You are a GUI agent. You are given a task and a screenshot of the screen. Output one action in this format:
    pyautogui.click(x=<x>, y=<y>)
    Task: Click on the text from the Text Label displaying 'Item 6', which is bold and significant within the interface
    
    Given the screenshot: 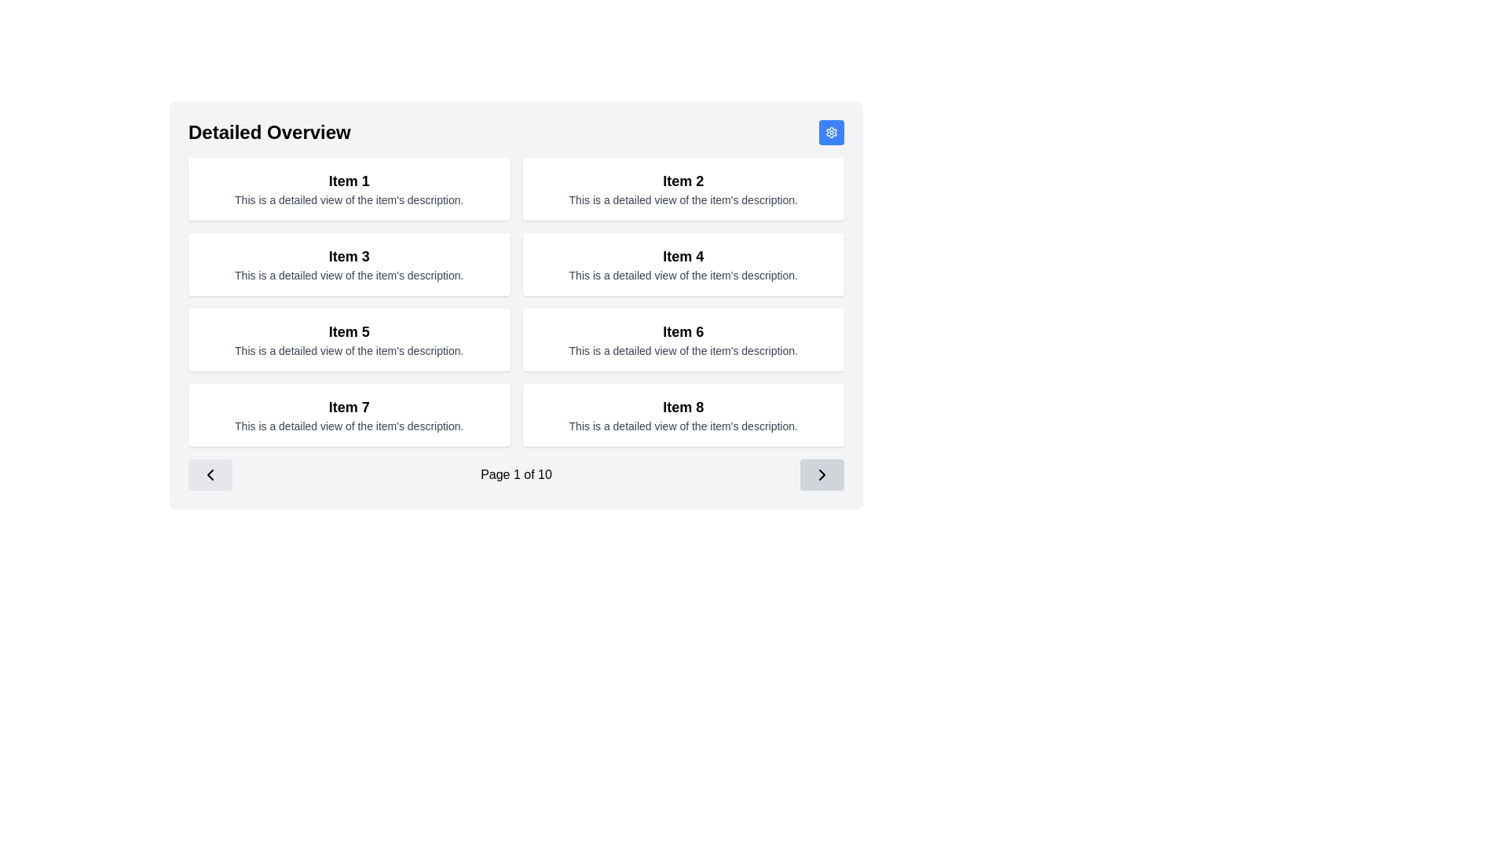 What is the action you would take?
    pyautogui.click(x=683, y=331)
    